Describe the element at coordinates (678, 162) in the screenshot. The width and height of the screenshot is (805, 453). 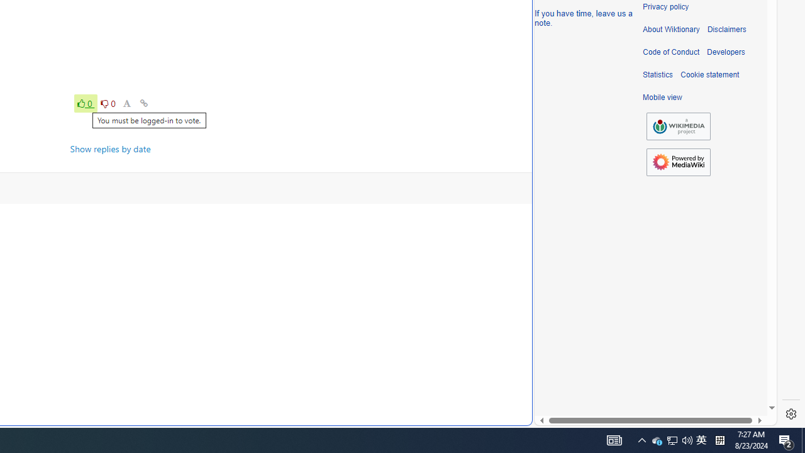
I see `'Powered by MediaWiki'` at that location.